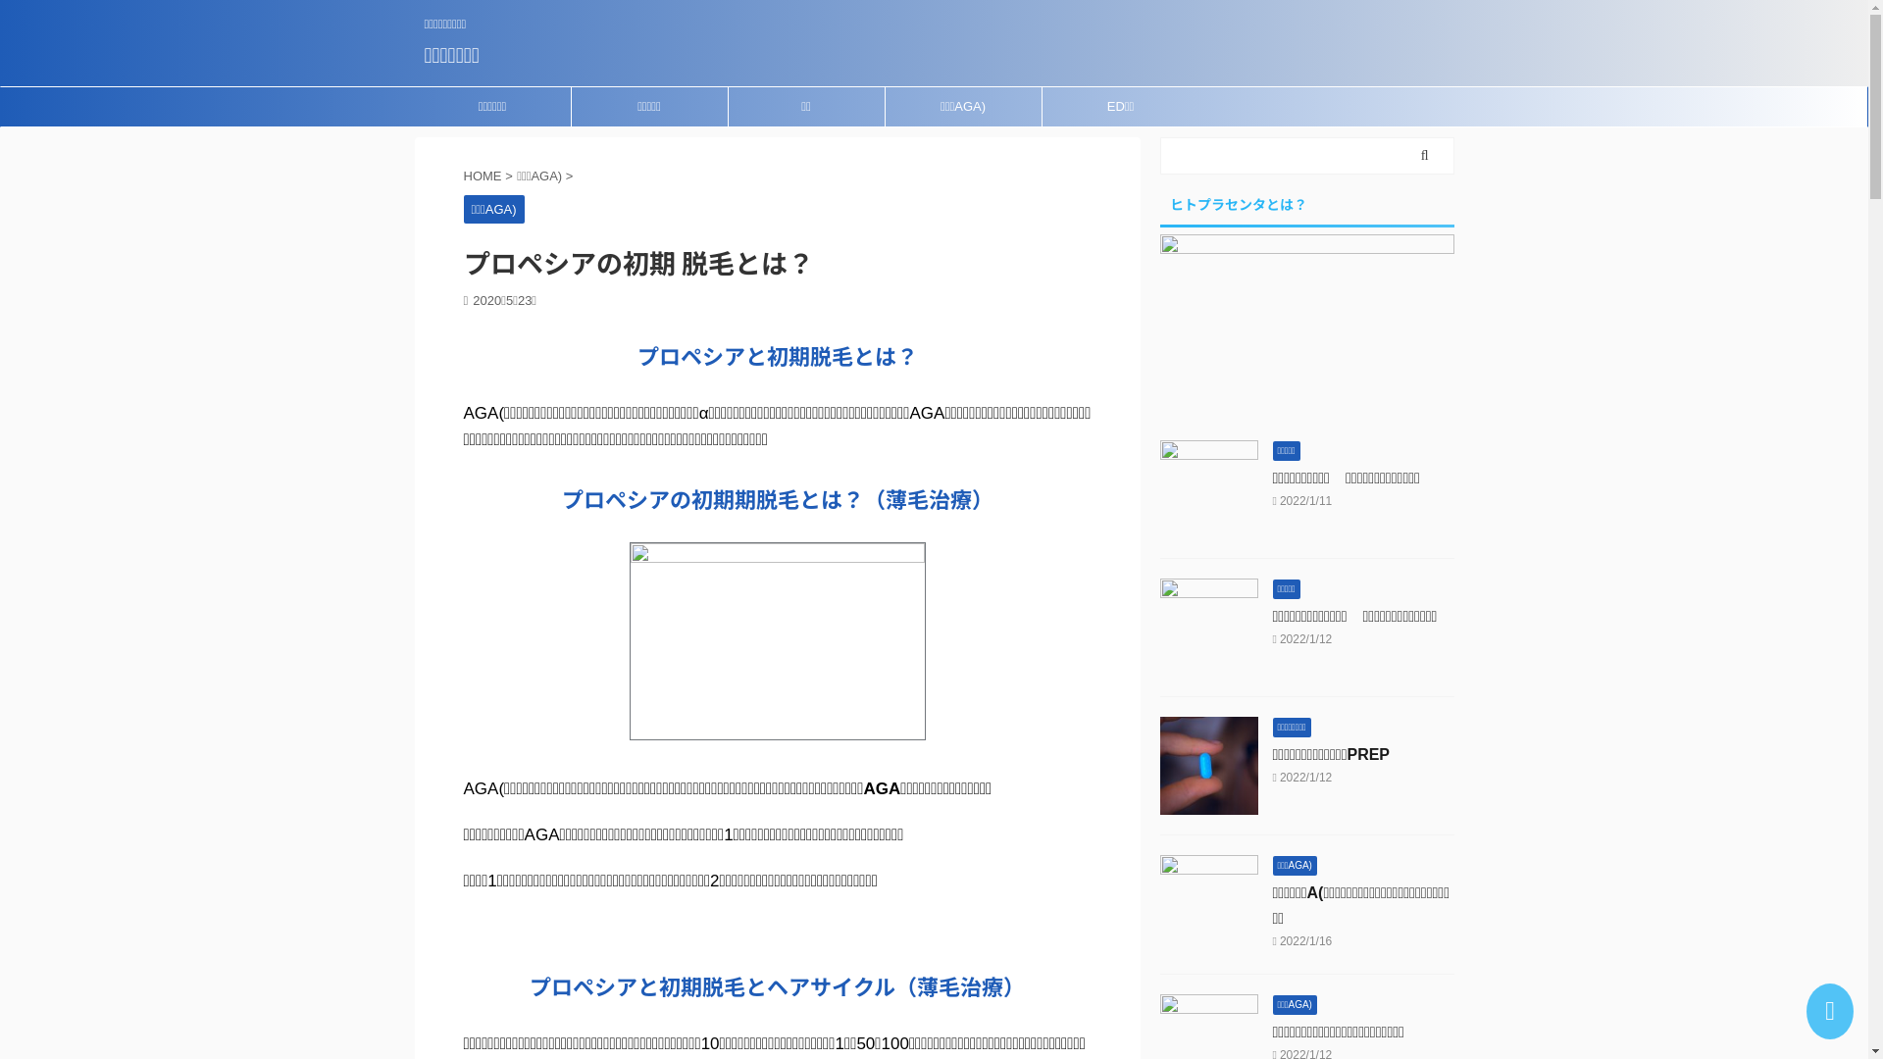 The height and width of the screenshot is (1059, 1883). What do you see at coordinates (483, 175) in the screenshot?
I see `'HOME'` at bounding box center [483, 175].